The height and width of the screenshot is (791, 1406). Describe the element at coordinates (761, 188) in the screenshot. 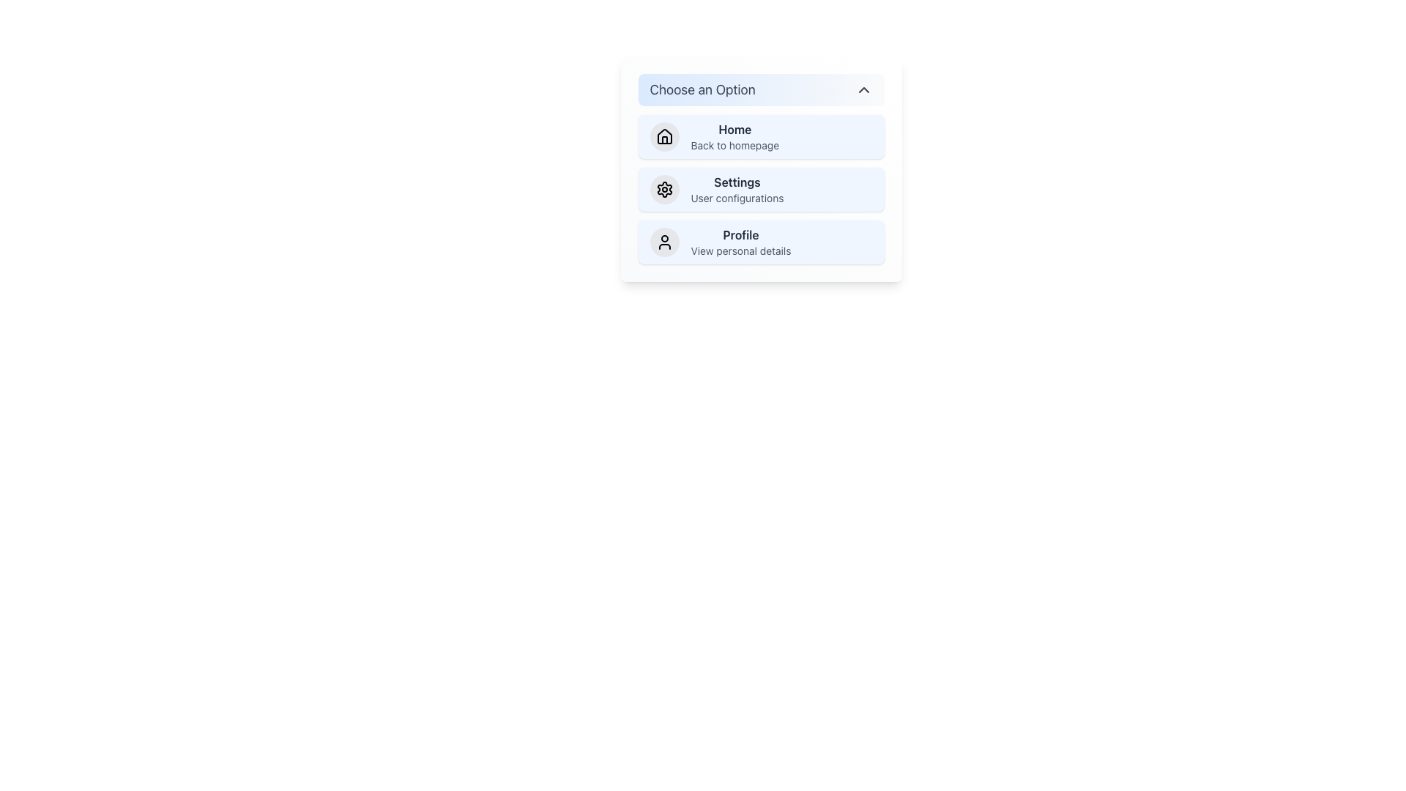

I see `the settings button` at that location.